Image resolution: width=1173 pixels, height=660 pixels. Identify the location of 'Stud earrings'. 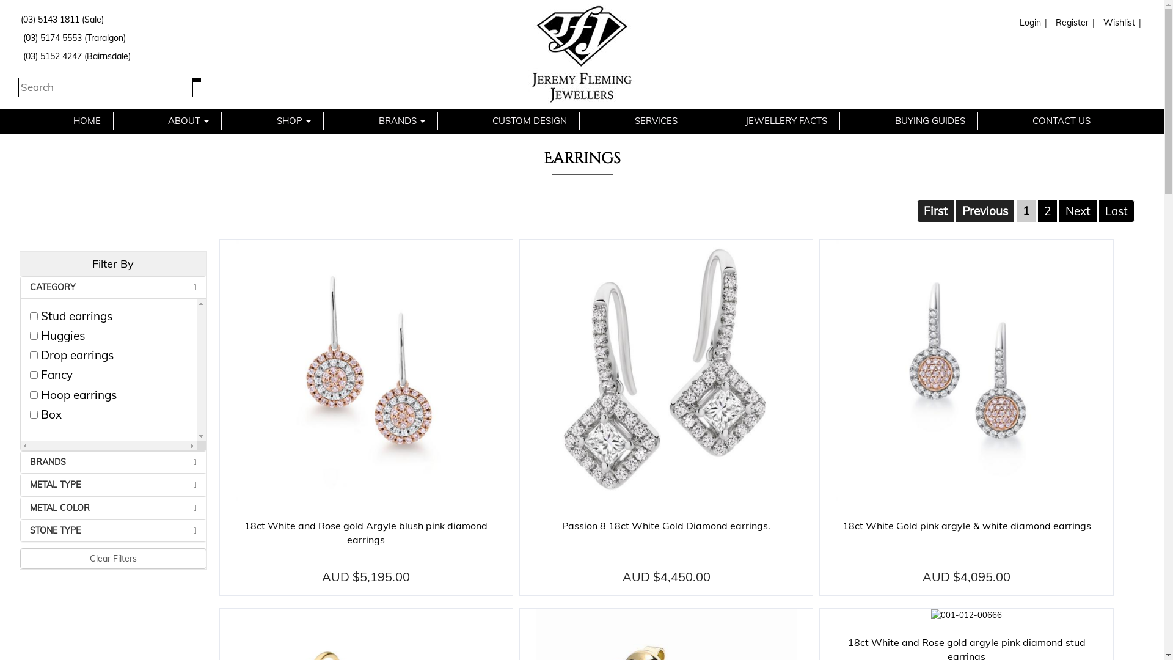
(34, 315).